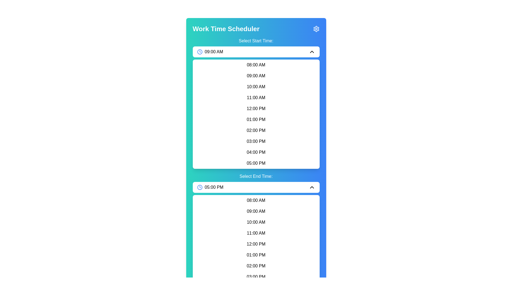  I want to click on the seventh time slot option in the 'Select Start Time' section to set a time value, so click(256, 131).